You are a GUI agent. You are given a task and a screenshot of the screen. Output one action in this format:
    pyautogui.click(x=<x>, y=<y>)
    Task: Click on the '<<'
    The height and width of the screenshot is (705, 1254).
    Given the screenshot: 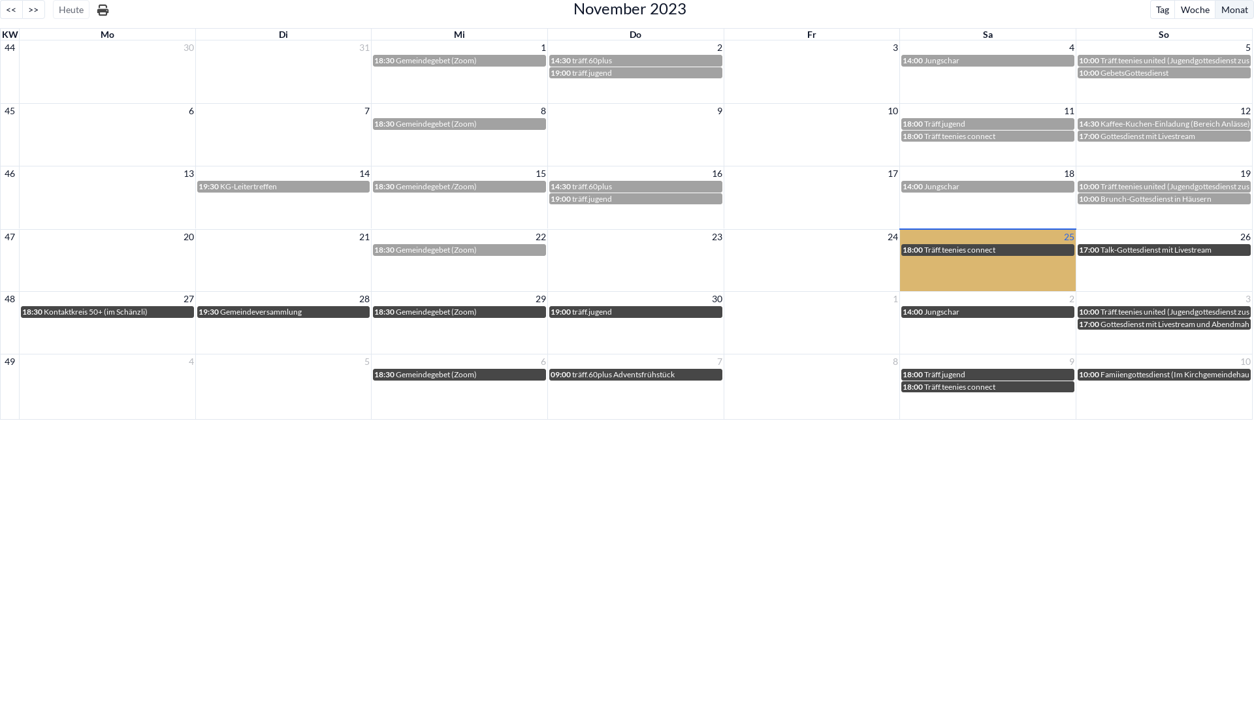 What is the action you would take?
    pyautogui.click(x=11, y=9)
    